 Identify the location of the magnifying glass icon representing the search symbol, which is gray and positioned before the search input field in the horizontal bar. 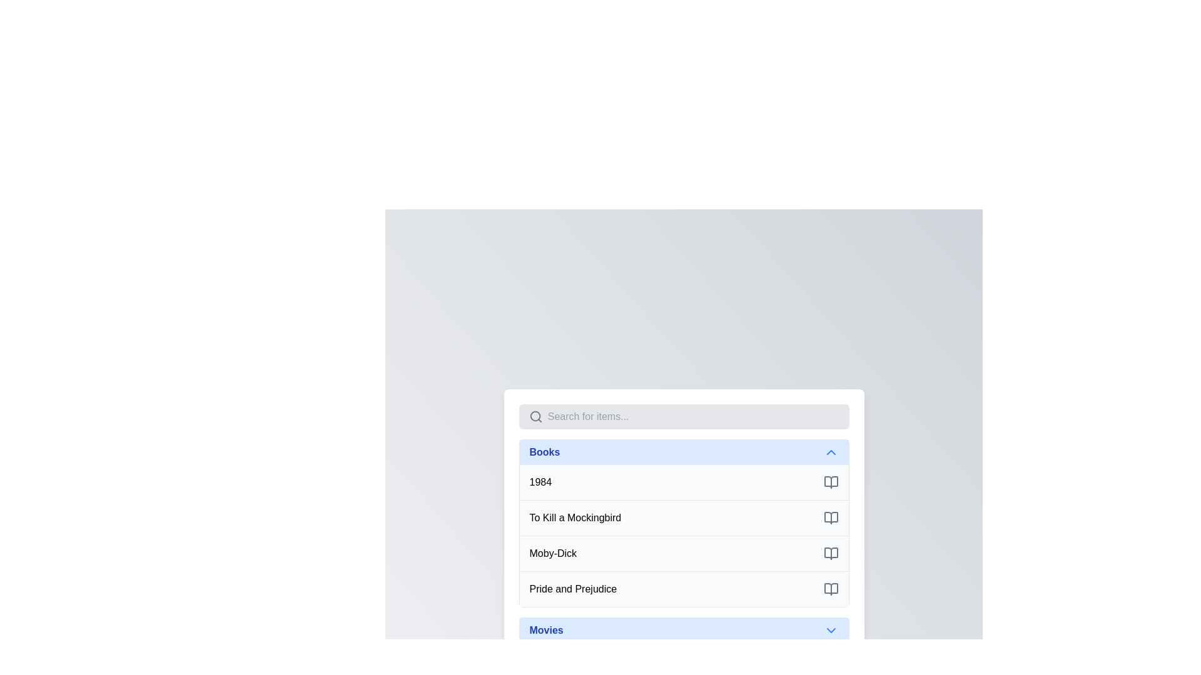
(535, 416).